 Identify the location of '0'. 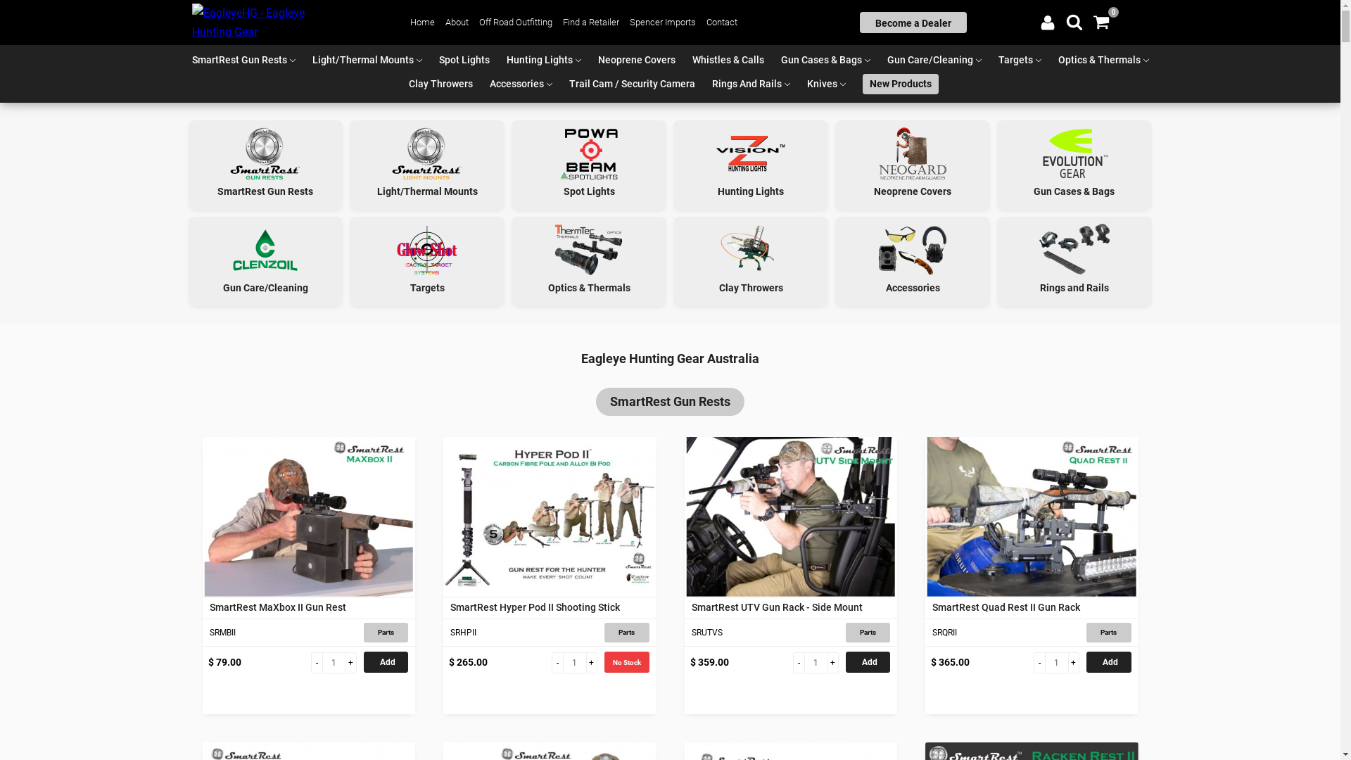
(1100, 22).